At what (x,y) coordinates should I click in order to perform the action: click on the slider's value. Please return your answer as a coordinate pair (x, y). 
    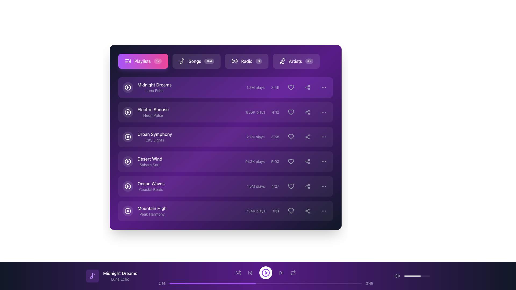
    Looking at the image, I should click on (415, 276).